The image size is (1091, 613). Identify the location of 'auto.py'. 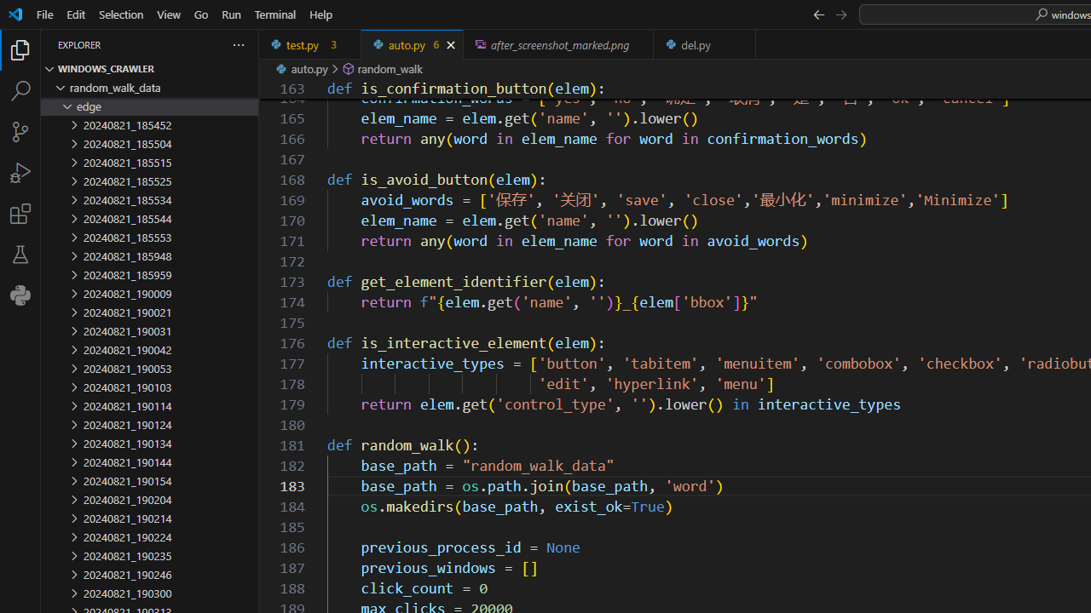
(412, 43).